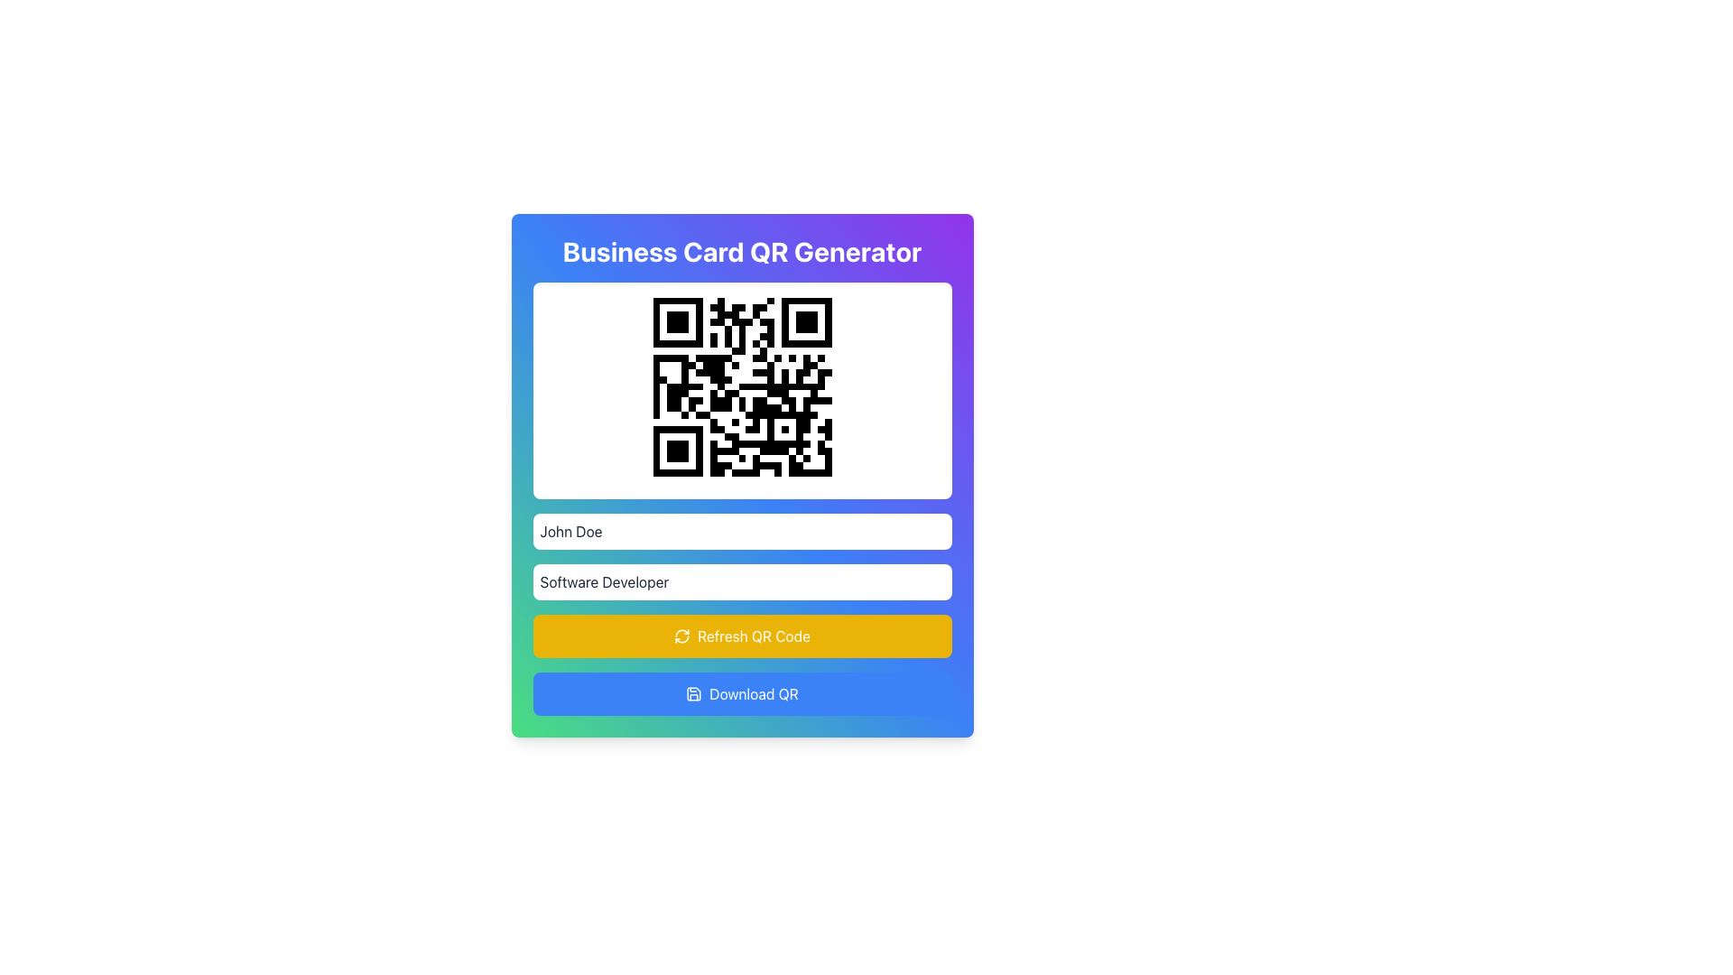 This screenshot has height=975, width=1733. I want to click on the descriptive text for the refresh QR code button, which is located within the yellow button area, centered above the 'Download QR' button, so click(754, 636).